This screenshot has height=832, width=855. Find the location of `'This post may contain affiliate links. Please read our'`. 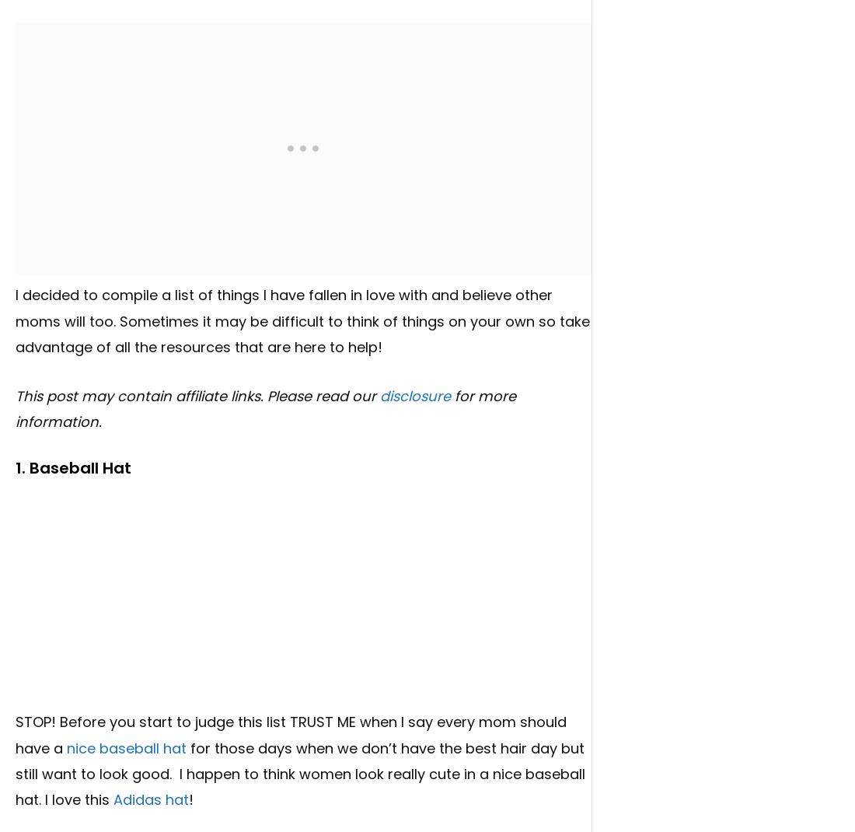

'This post may contain affiliate links. Please read our' is located at coordinates (197, 395).